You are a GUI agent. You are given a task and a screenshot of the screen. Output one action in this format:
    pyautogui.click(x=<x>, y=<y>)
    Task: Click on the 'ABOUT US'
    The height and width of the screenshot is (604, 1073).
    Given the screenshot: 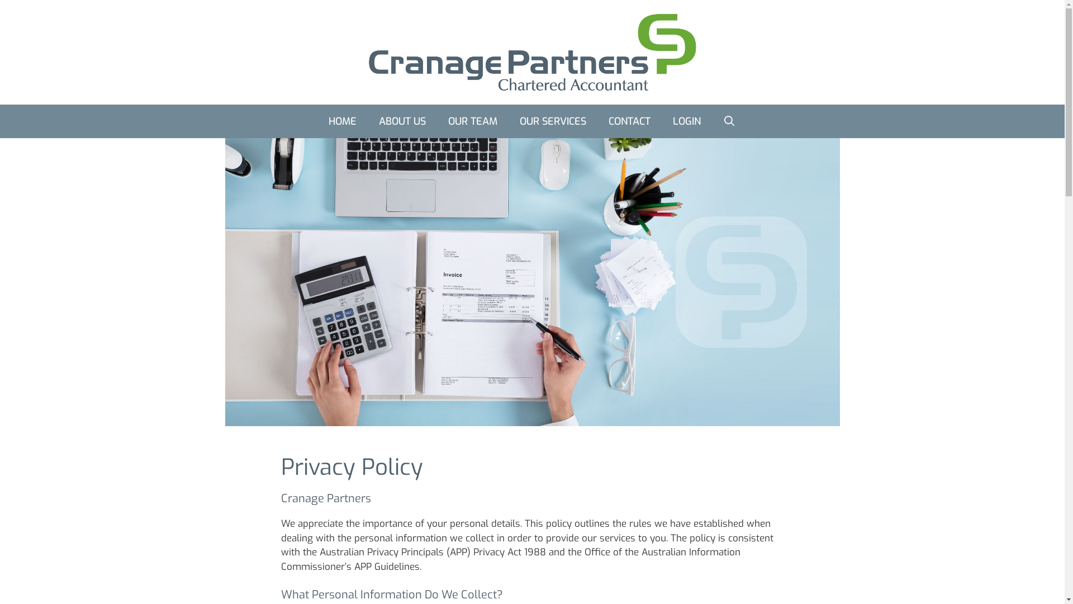 What is the action you would take?
    pyautogui.click(x=402, y=121)
    